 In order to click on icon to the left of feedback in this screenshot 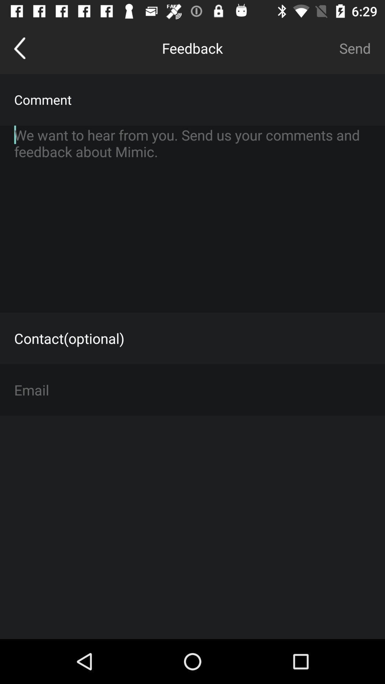, I will do `click(19, 48)`.